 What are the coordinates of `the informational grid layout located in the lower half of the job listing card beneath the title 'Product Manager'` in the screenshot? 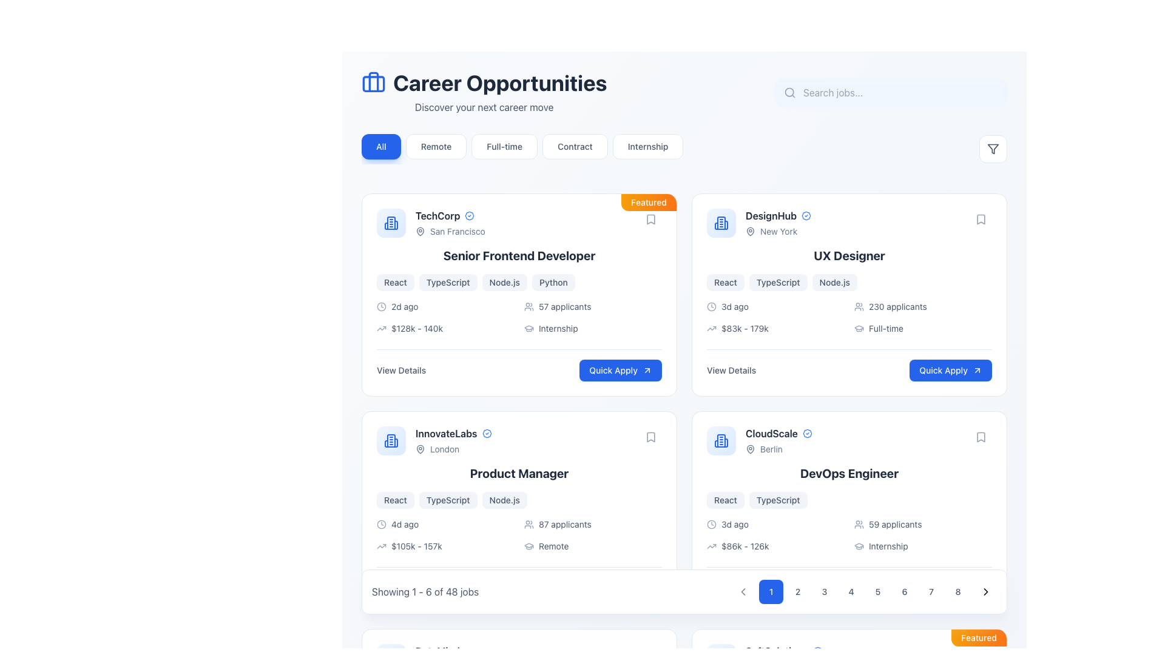 It's located at (519, 535).